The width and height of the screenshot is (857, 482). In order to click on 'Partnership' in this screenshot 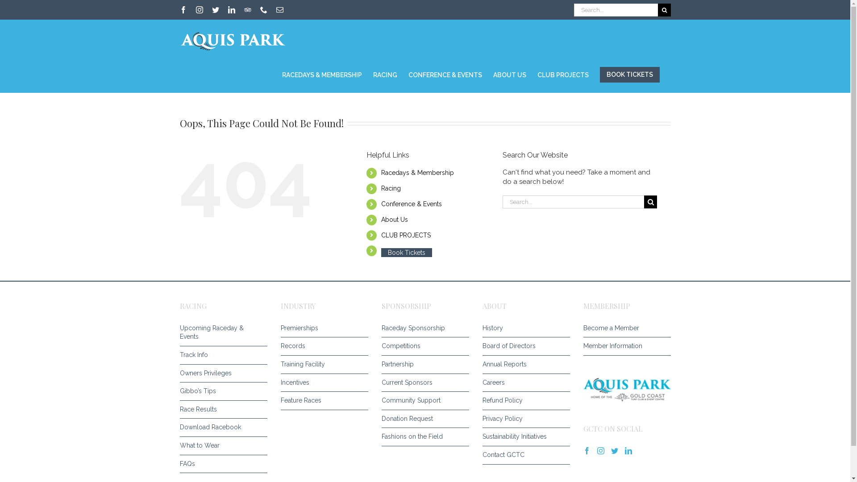, I will do `click(381, 365)`.